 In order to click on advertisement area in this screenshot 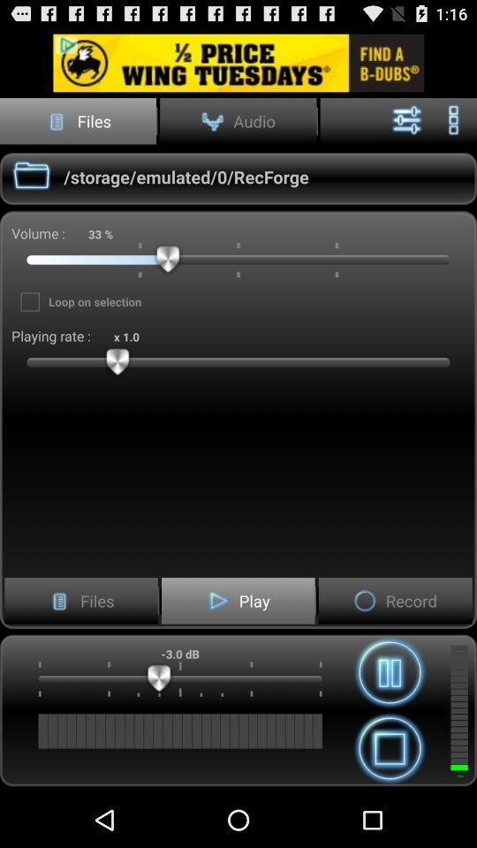, I will do `click(238, 63)`.